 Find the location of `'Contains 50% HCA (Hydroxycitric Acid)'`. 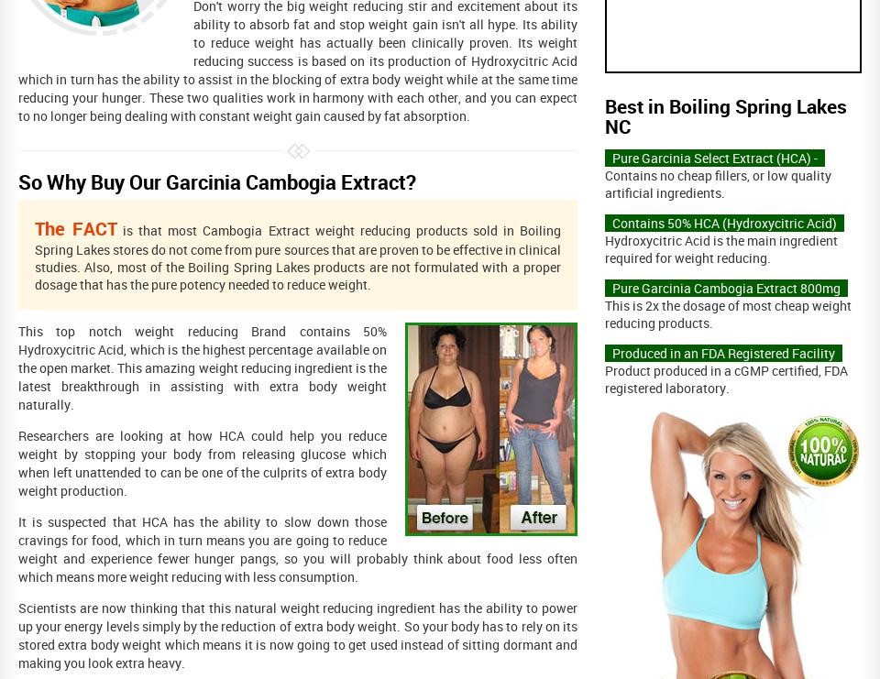

'Contains 50% HCA (Hydroxycitric Acid)' is located at coordinates (724, 222).